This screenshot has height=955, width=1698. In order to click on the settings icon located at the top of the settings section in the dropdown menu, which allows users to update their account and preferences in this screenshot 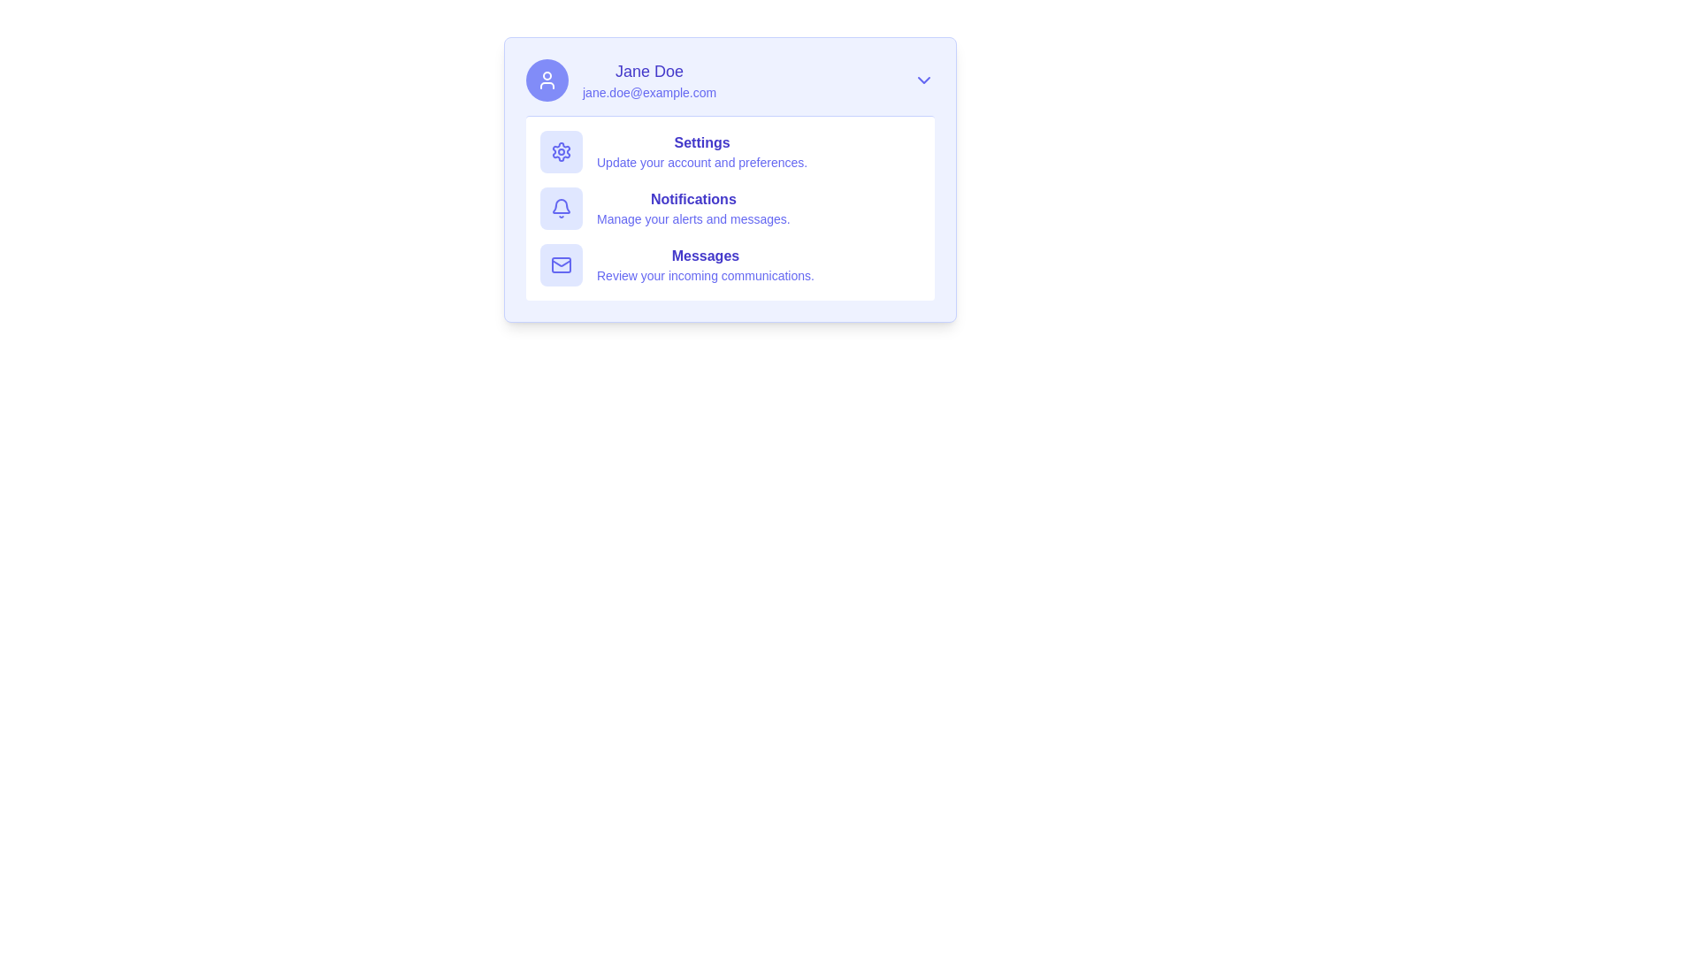, I will do `click(560, 151)`.